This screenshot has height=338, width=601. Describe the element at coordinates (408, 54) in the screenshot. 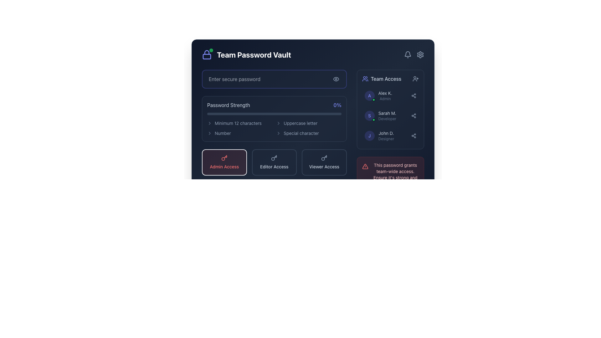

I see `the bell icon, which is styled as an outline with a curved body and a small circular clapper inside, located in the top-right corner of the interface` at that location.